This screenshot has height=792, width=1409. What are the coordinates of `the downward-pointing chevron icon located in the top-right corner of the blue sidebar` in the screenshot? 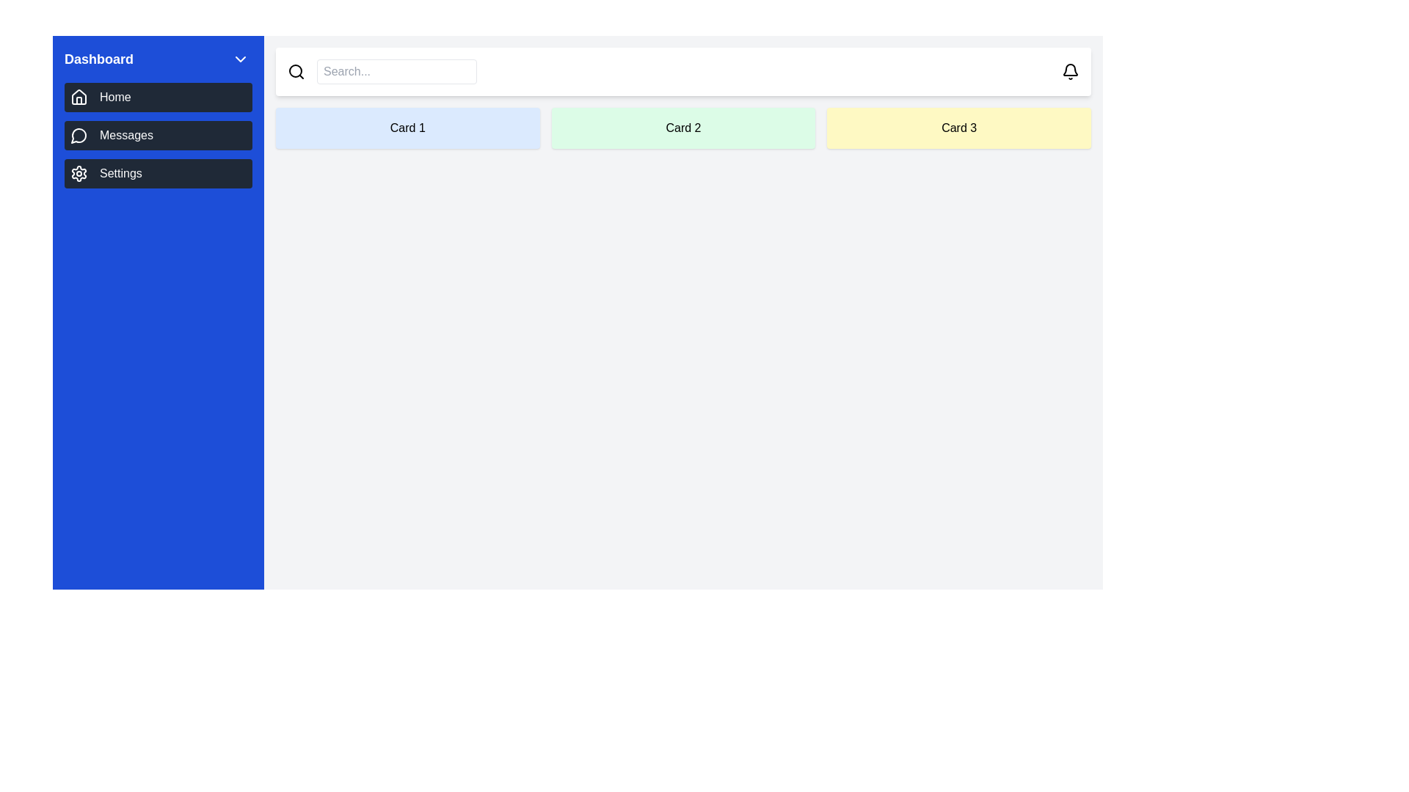 It's located at (240, 59).